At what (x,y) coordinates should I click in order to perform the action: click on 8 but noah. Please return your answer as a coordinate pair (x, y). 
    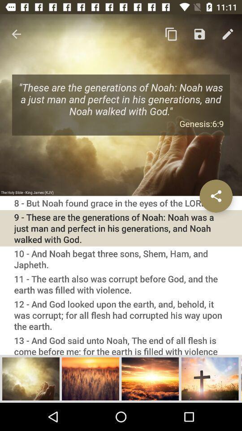
    Looking at the image, I should click on (121, 203).